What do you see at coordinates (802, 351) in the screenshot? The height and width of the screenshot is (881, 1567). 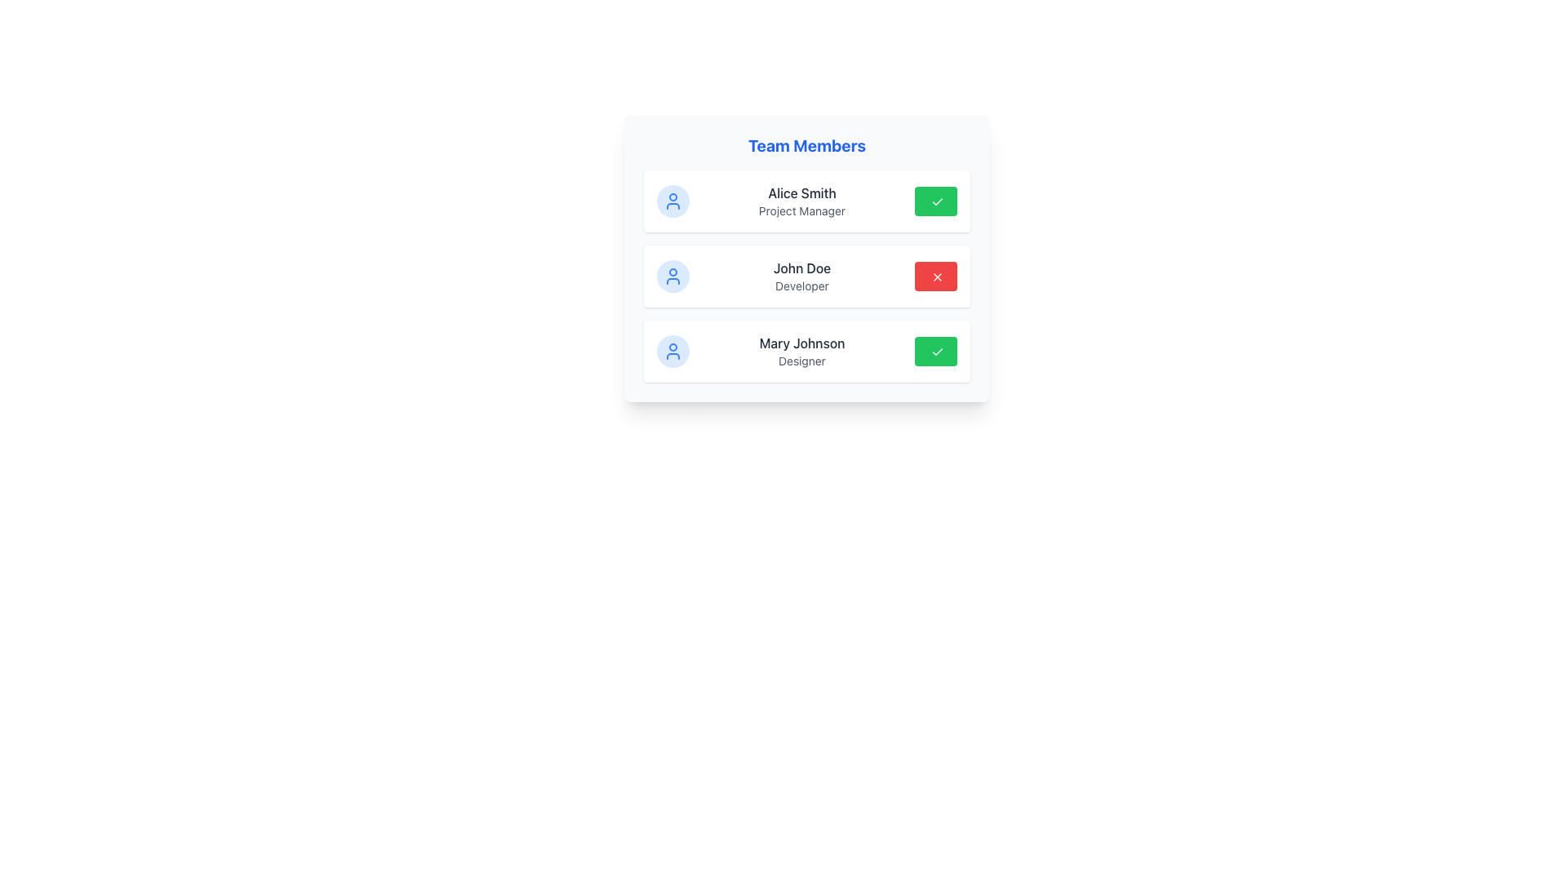 I see `the third item` at bounding box center [802, 351].